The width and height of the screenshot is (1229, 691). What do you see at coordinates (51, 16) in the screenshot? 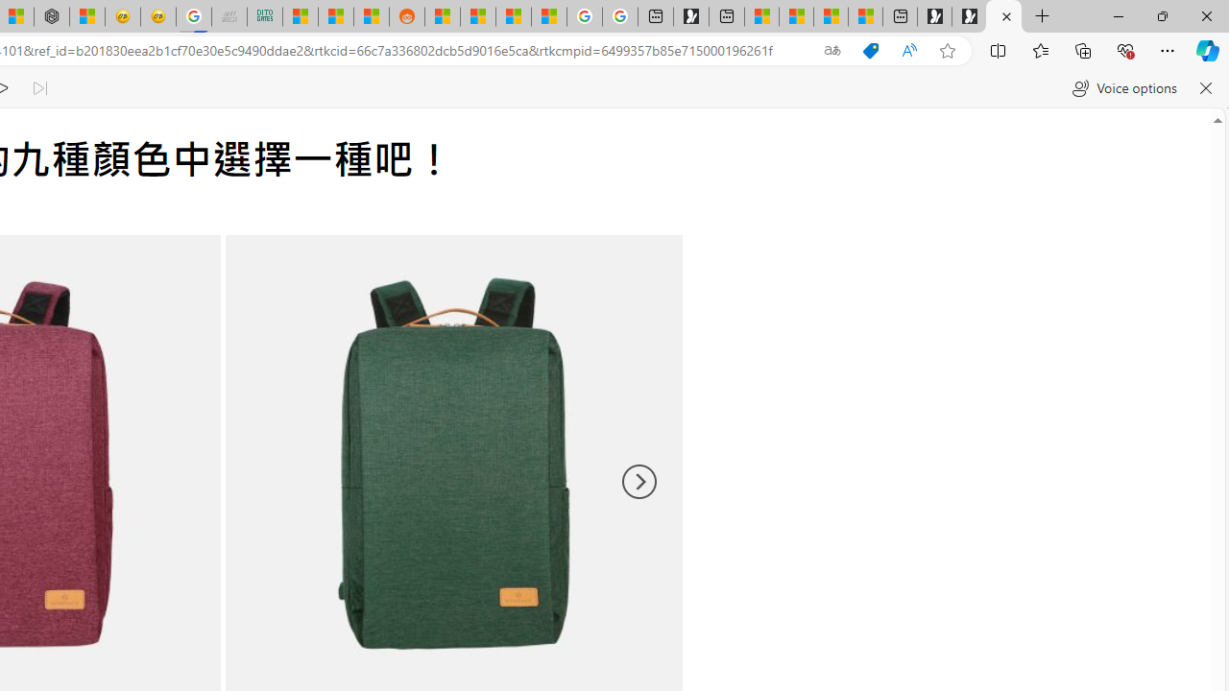
I see `'Nordace - #1 Japanese Best-Seller - Siena Smart Backpack'` at bounding box center [51, 16].